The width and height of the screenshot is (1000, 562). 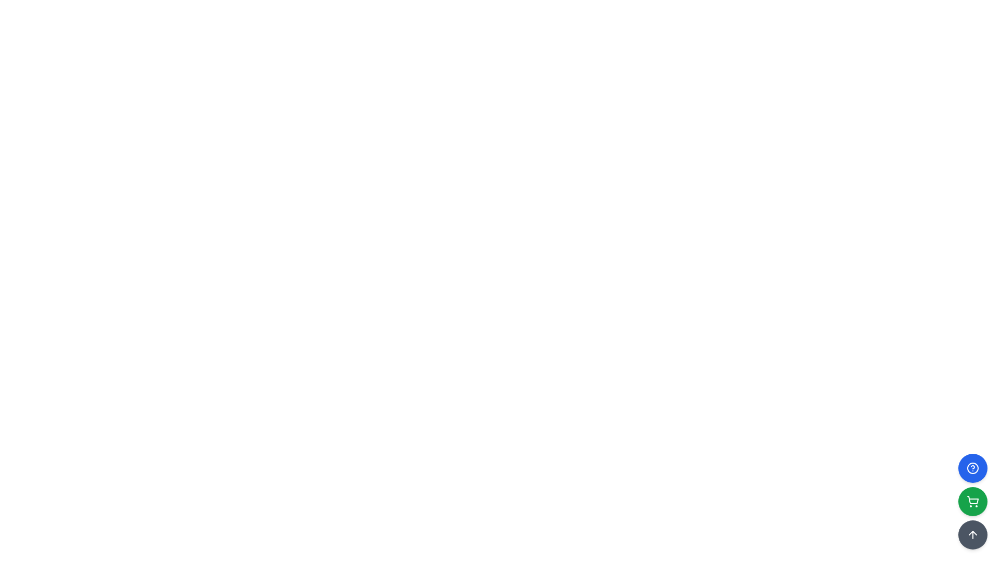 What do you see at coordinates (972, 535) in the screenshot?
I see `the circular button with a dark gray background and a white upward arrow icon, located at the bottom of a vertical stack of three buttons in the bottom-right corner of the interface` at bounding box center [972, 535].